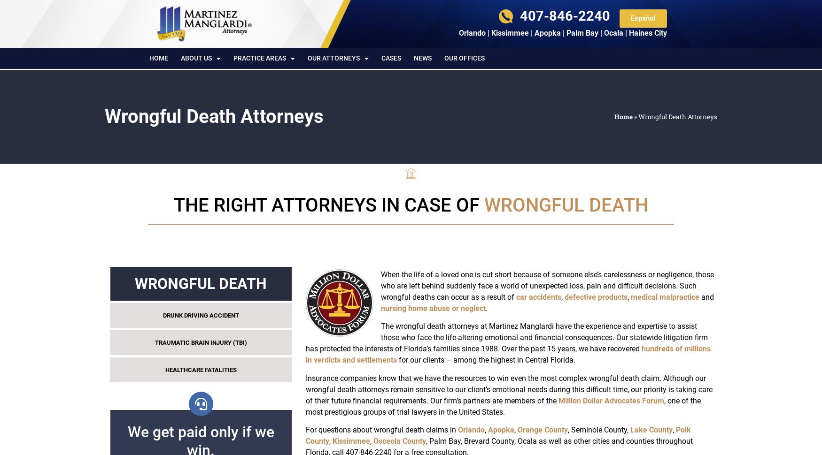  Describe the element at coordinates (200, 342) in the screenshot. I see `'TRAUMATIC BRAIN INJURY (TBI)'` at that location.